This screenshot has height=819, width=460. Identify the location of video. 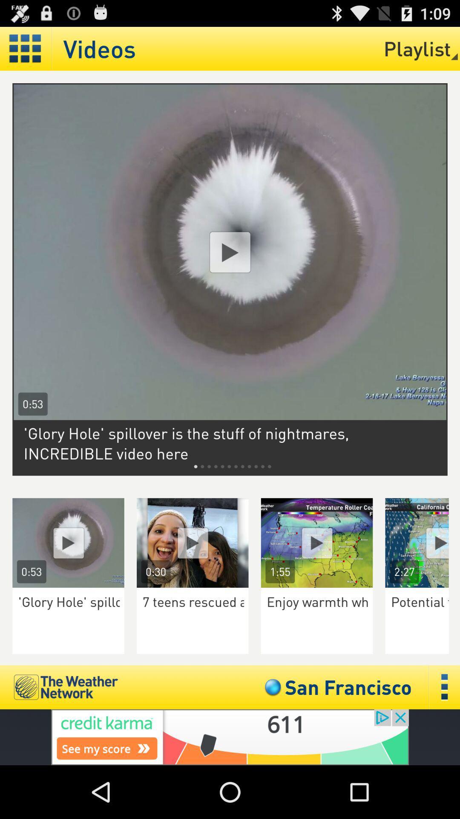
(68, 542).